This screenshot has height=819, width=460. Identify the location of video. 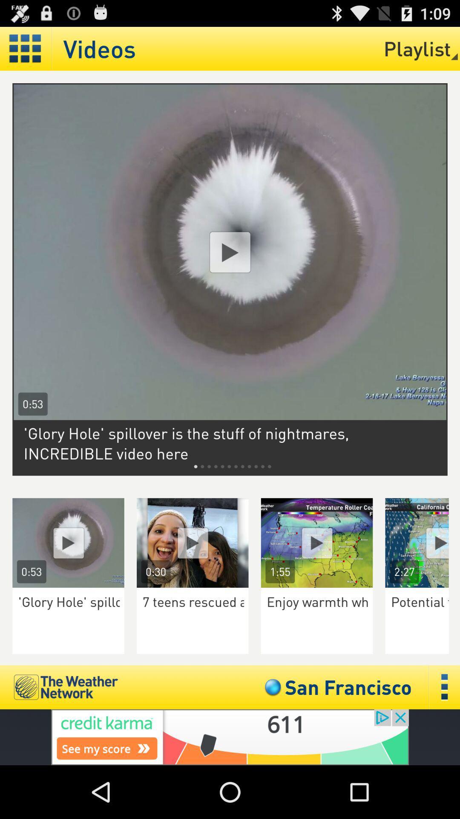
(68, 542).